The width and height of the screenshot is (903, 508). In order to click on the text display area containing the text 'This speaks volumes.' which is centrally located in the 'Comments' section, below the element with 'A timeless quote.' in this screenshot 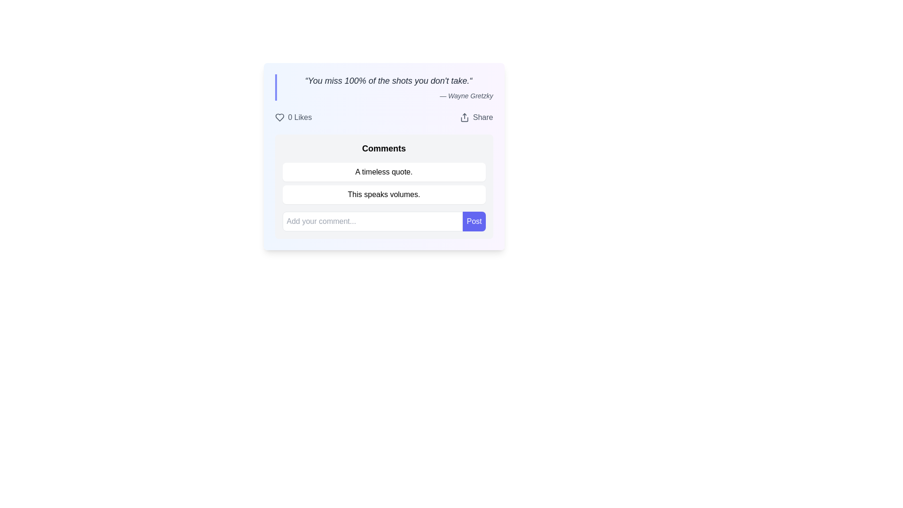, I will do `click(384, 194)`.